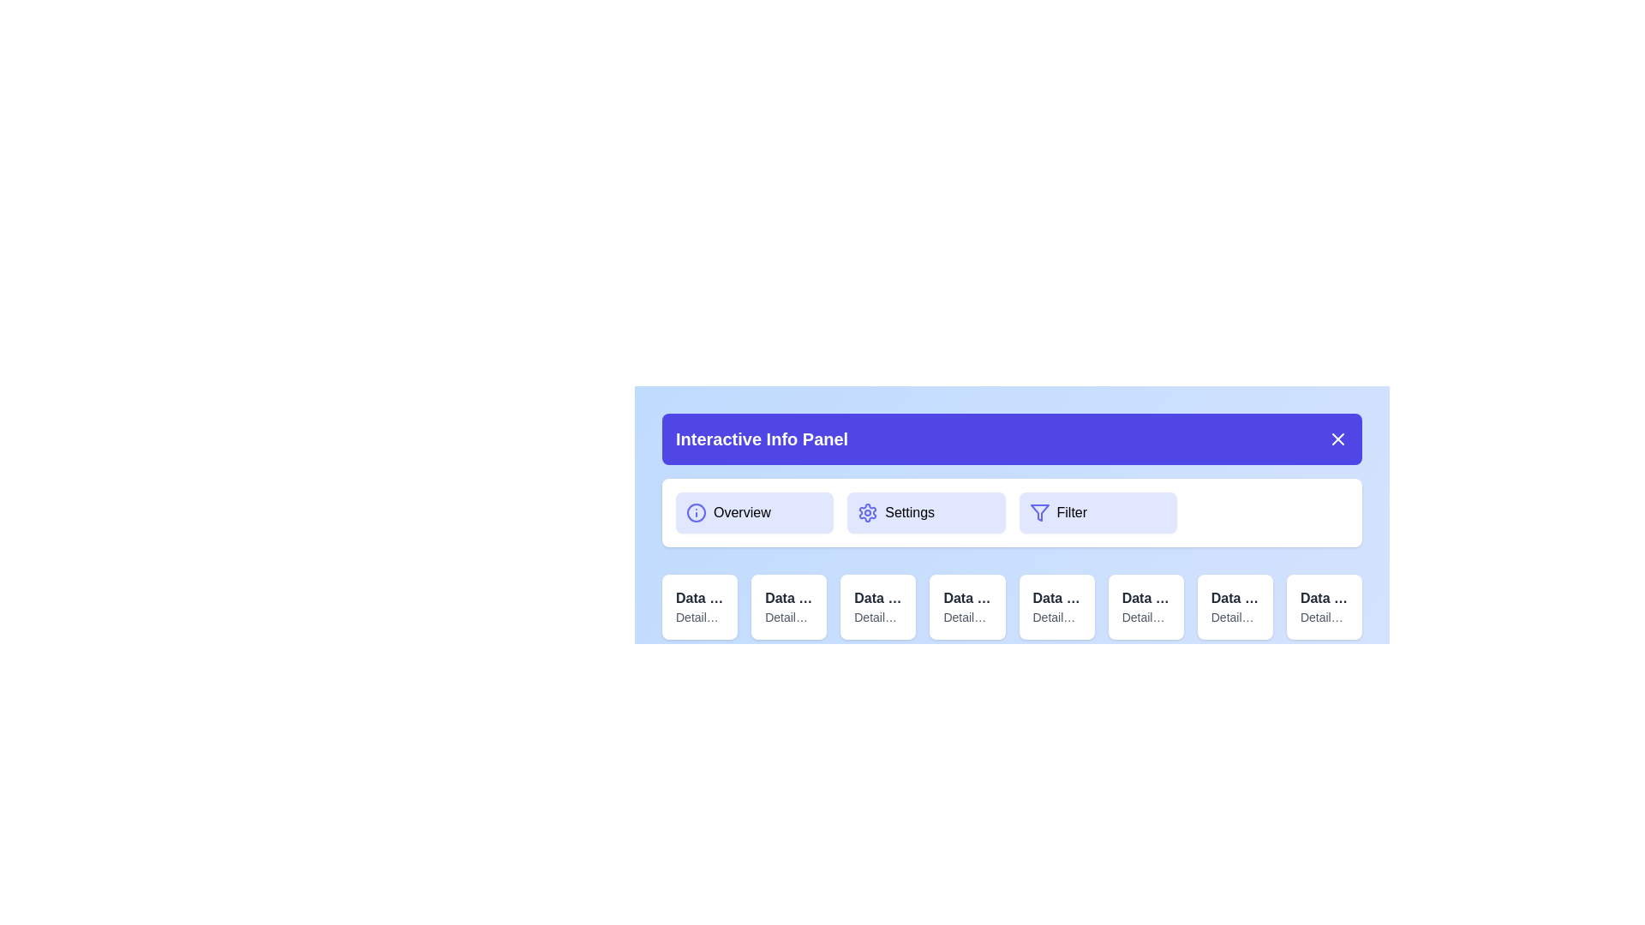 The width and height of the screenshot is (1645, 925). What do you see at coordinates (1098, 511) in the screenshot?
I see `the Filter button in the navigation panel` at bounding box center [1098, 511].